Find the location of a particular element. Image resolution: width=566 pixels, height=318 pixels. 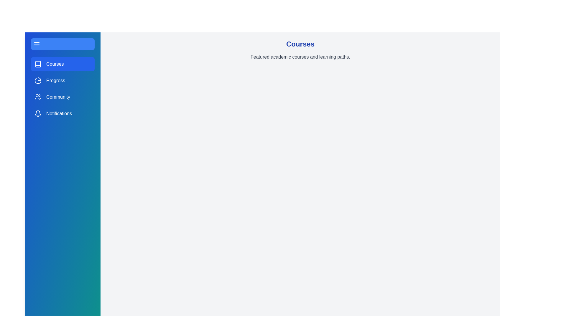

the sidebar section Community by clicking on its corresponding area is located at coordinates (62, 97).